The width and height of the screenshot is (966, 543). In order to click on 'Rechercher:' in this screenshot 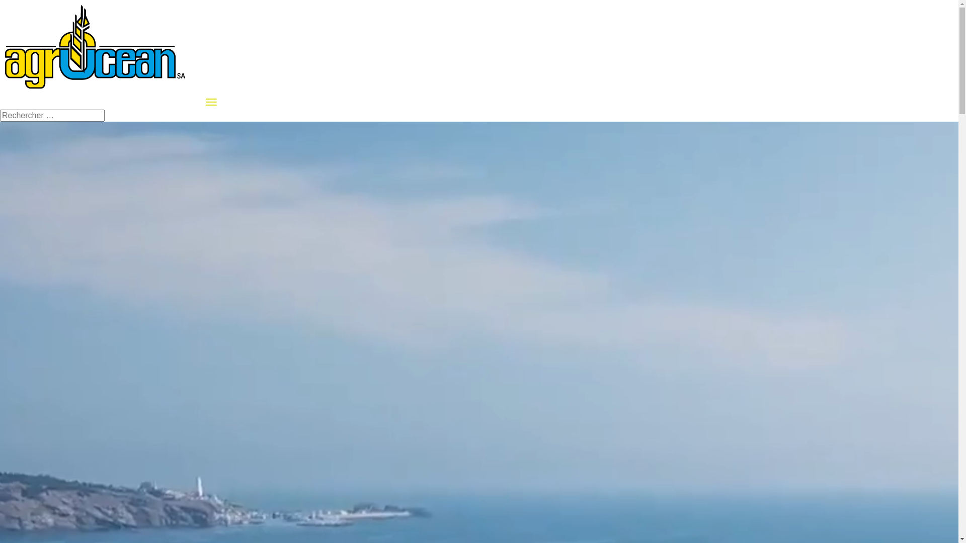, I will do `click(52, 115)`.